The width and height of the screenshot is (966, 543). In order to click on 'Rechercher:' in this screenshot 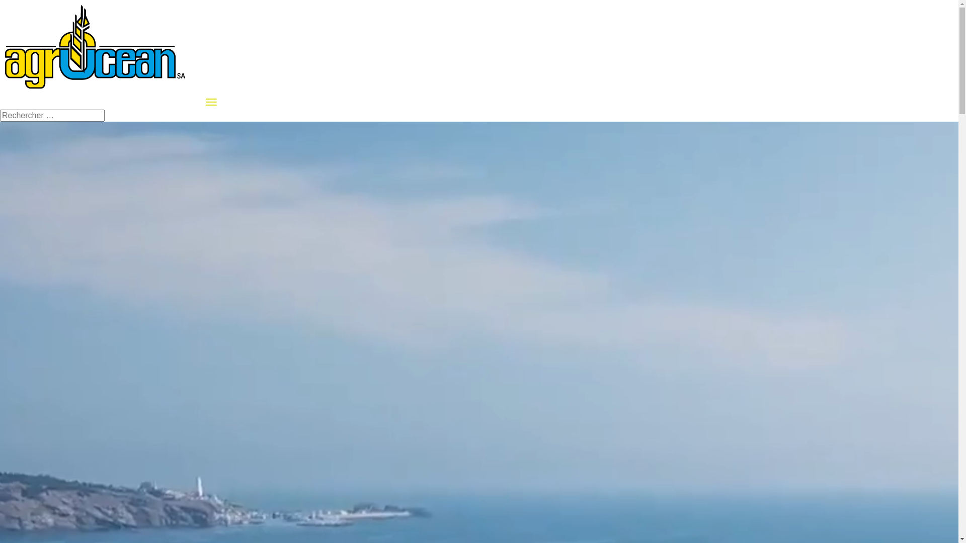, I will do `click(52, 115)`.